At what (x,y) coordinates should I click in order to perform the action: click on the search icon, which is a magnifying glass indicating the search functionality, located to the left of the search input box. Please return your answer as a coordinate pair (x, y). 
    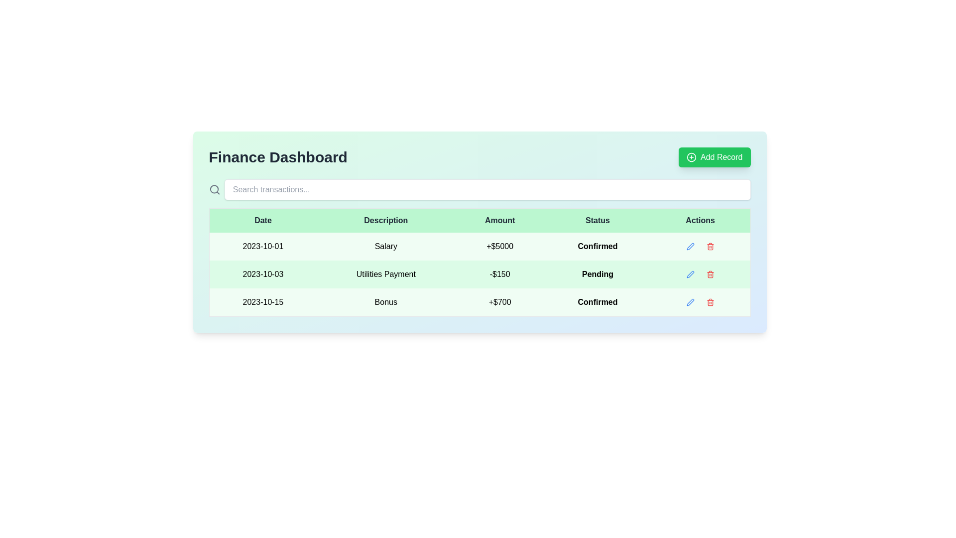
    Looking at the image, I should click on (214, 189).